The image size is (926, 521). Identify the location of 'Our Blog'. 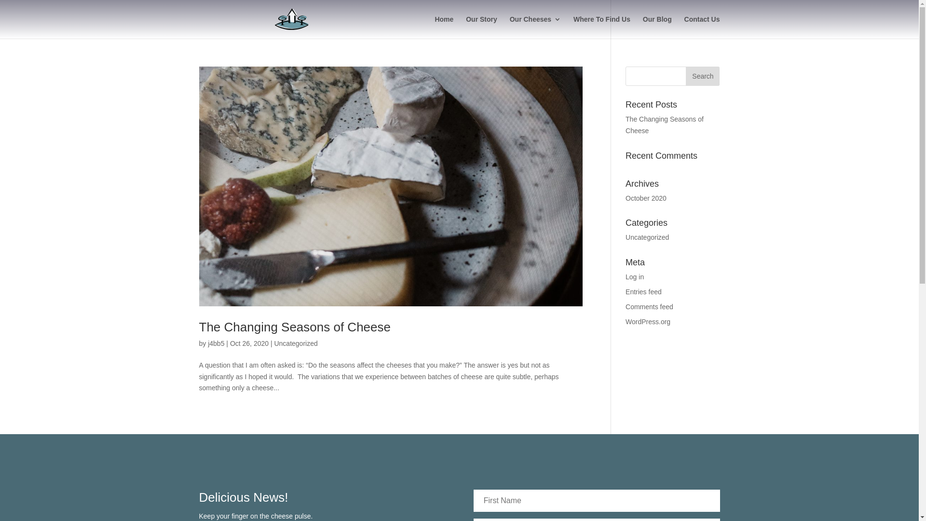
(657, 27).